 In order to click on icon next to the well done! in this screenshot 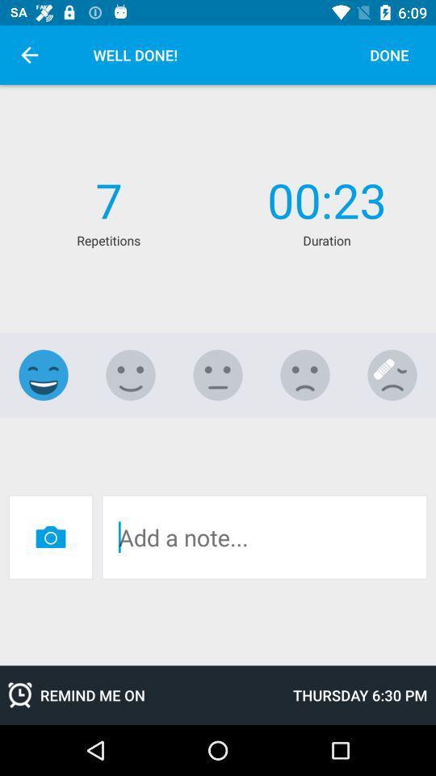, I will do `click(29, 55)`.